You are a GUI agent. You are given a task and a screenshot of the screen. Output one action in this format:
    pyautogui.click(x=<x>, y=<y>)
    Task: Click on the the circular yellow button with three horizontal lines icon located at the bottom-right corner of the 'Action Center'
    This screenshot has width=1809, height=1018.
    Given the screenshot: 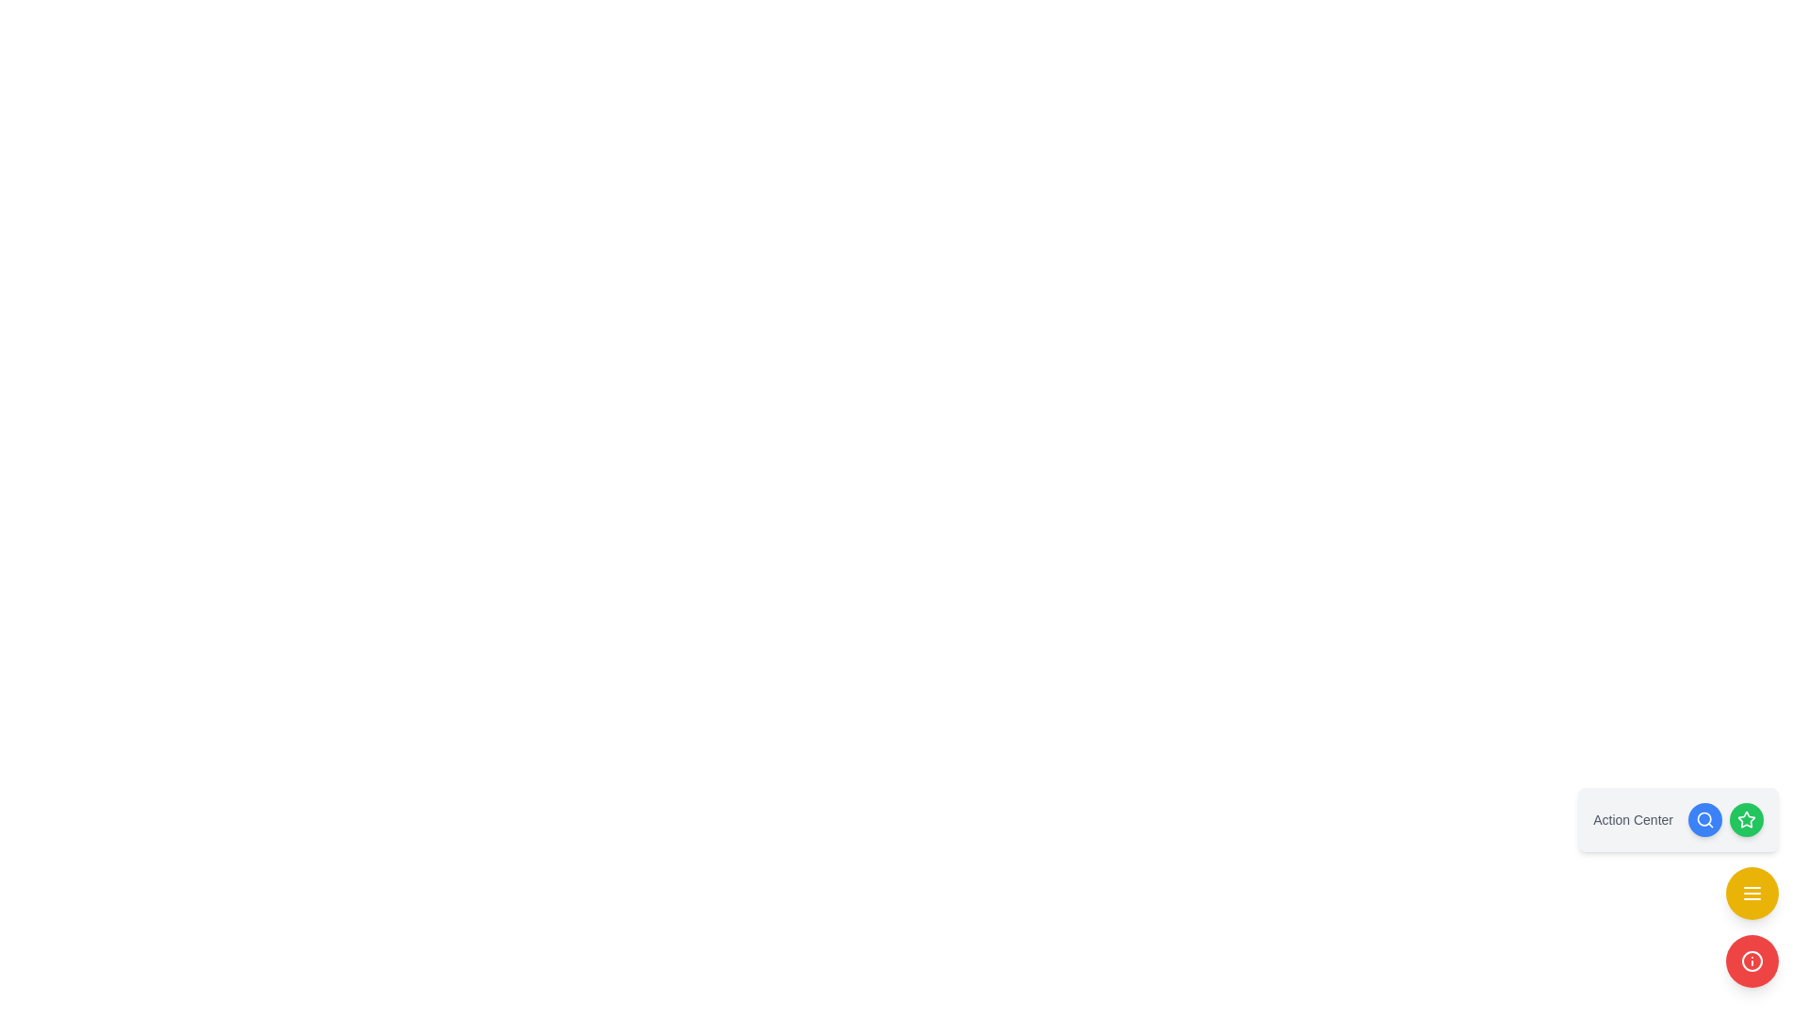 What is the action you would take?
    pyautogui.click(x=1752, y=893)
    